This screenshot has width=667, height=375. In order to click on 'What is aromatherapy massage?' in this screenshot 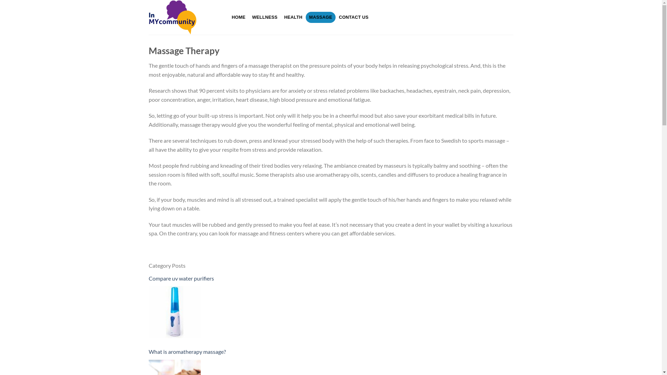, I will do `click(331, 352)`.